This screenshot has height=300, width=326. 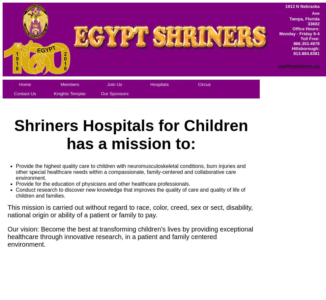 I want to click on 'Tampa, Florida 33602', so click(x=289, y=21).